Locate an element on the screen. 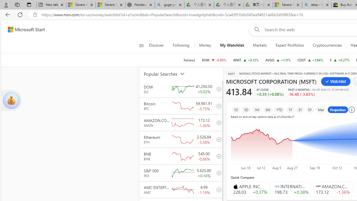 This screenshot has height=201, width=357. 'F FORD MOTOR COMPANY increase 11.14 +0.03 +0.27%' is located at coordinates (339, 60).